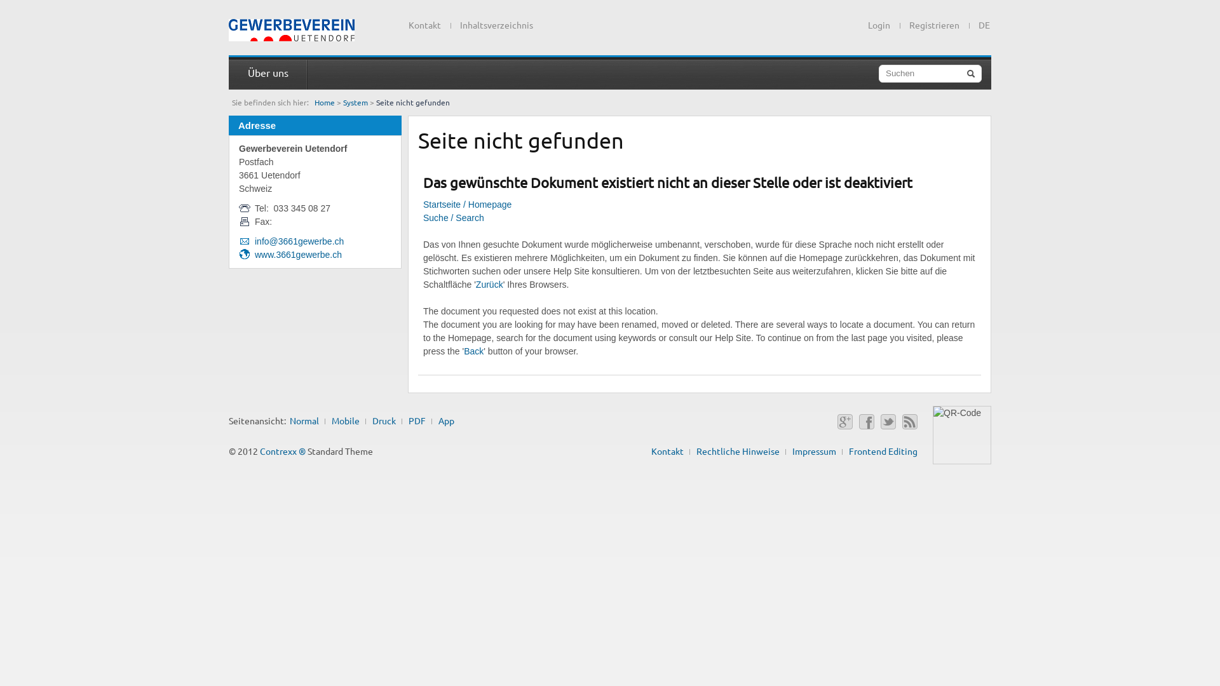 This screenshot has width=1220, height=686. Describe the element at coordinates (304, 420) in the screenshot. I see `'Normal'` at that location.